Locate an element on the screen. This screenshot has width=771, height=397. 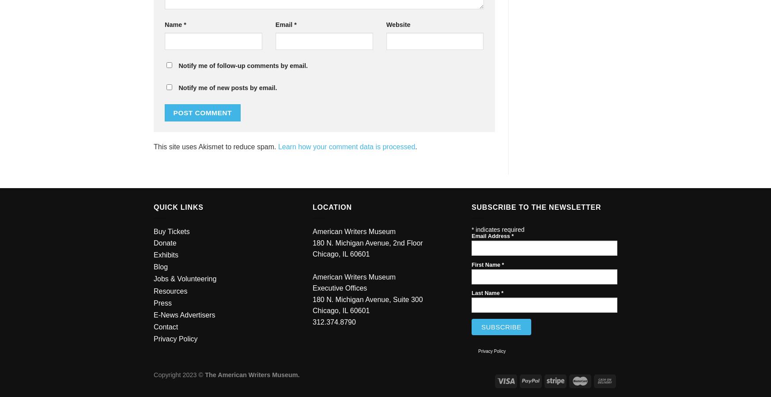
'312.374.8790' is located at coordinates (312, 321).